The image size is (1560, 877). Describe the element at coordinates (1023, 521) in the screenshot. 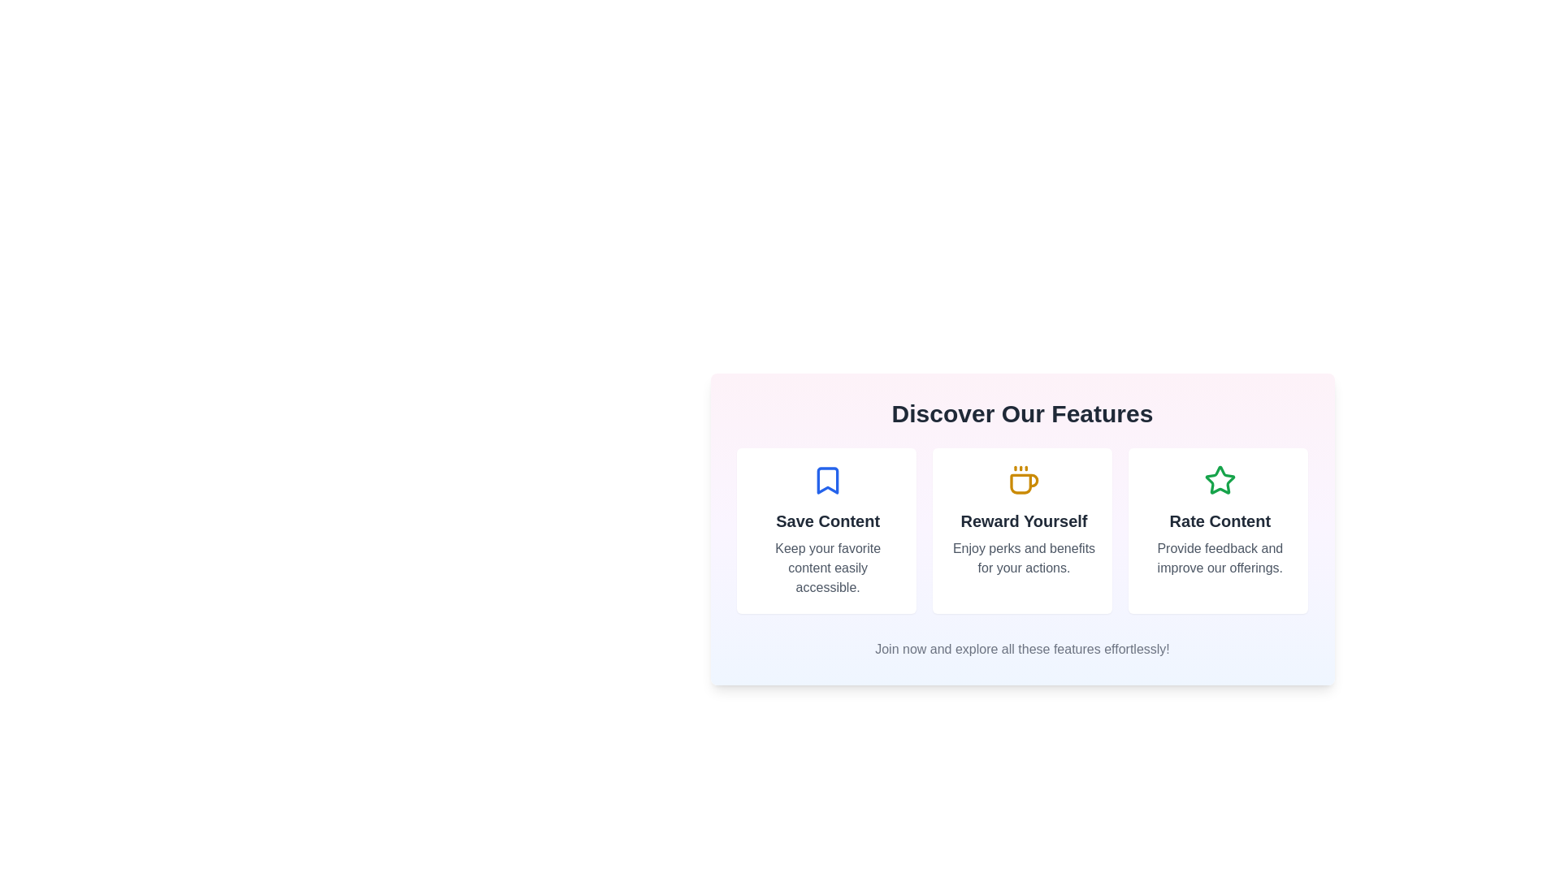

I see `text for information from the 'Reward Yourself' Informational Card located in the middle of a three-card layout beneath the title 'Discover Our Features'` at that location.